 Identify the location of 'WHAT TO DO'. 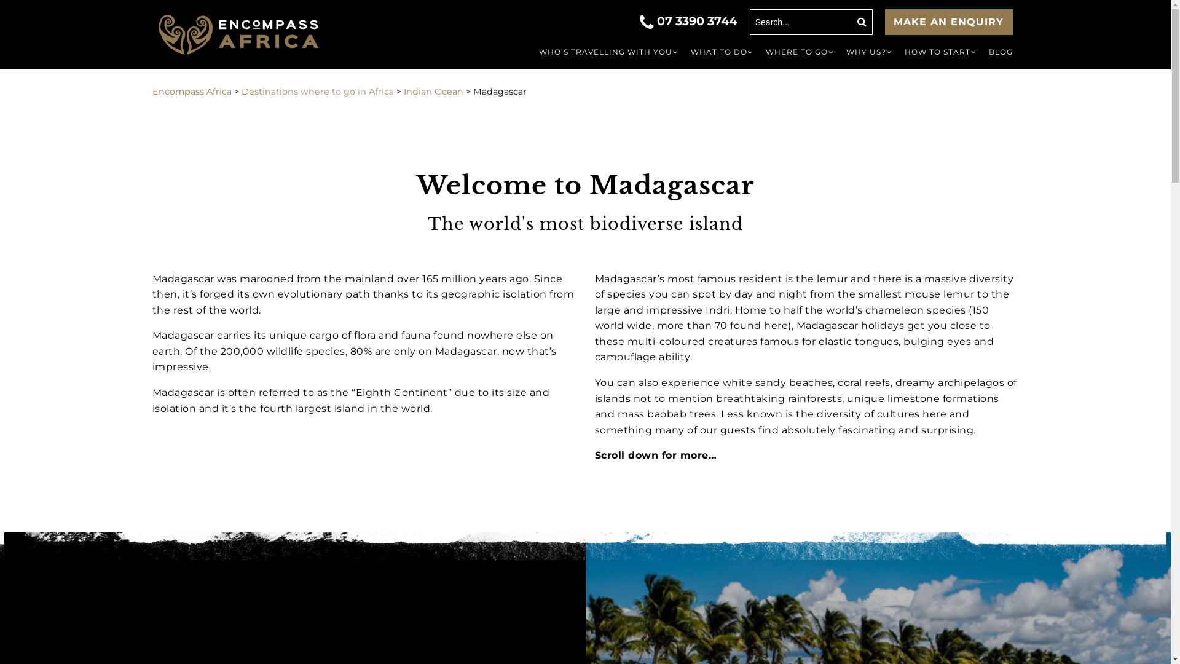
(722, 51).